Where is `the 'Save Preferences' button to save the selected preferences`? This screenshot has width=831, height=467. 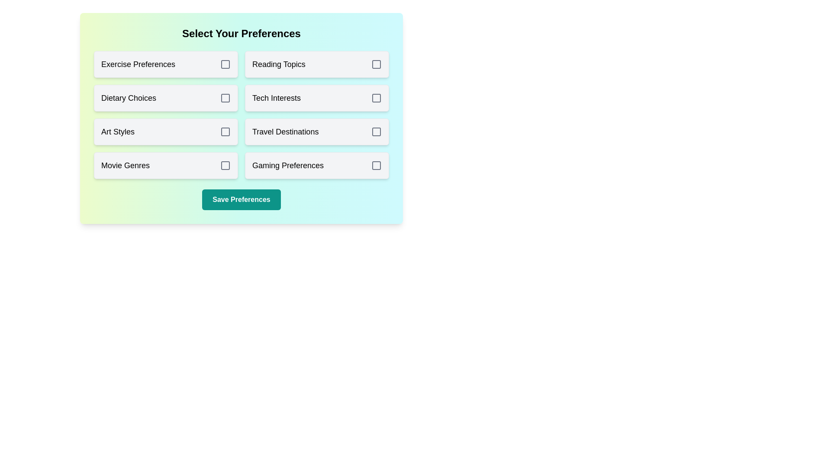 the 'Save Preferences' button to save the selected preferences is located at coordinates (241, 200).